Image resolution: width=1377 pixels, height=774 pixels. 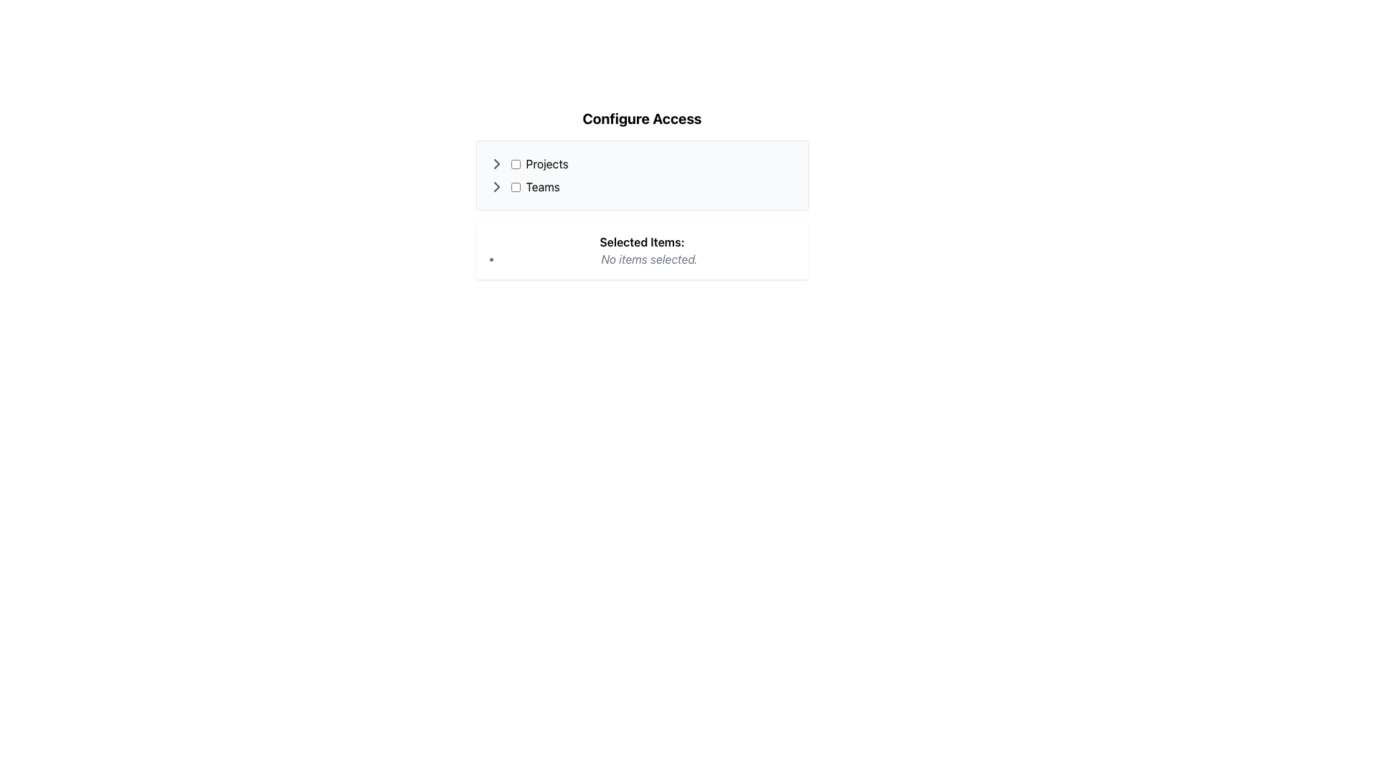 I want to click on properties of the 'Projects' label located in the 'Configure Access' section, positioned beside a checkbox and an arrow icon, so click(x=641, y=163).